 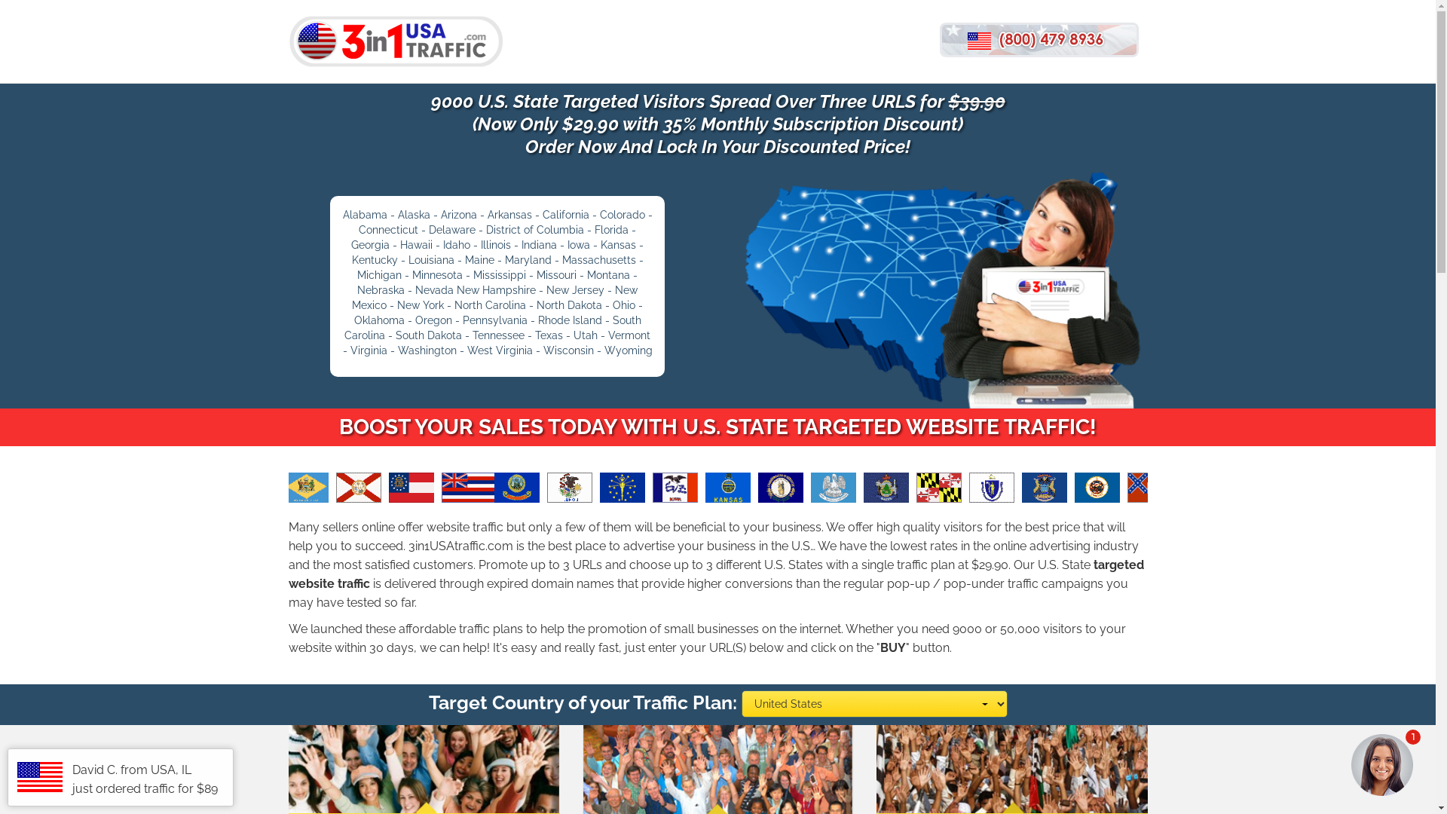 I want to click on '1', so click(x=1308, y=767).